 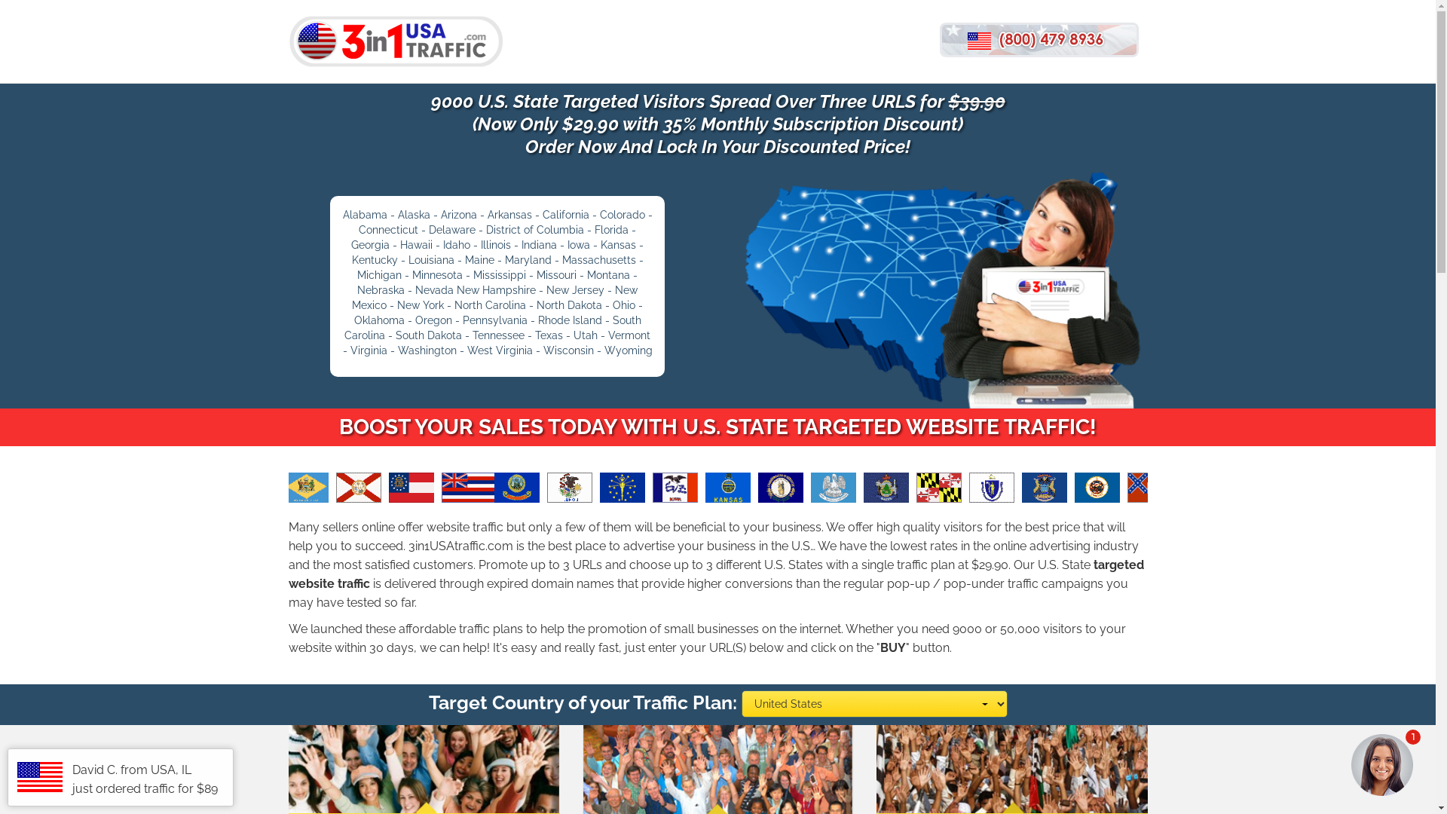 I want to click on '1', so click(x=1308, y=767).